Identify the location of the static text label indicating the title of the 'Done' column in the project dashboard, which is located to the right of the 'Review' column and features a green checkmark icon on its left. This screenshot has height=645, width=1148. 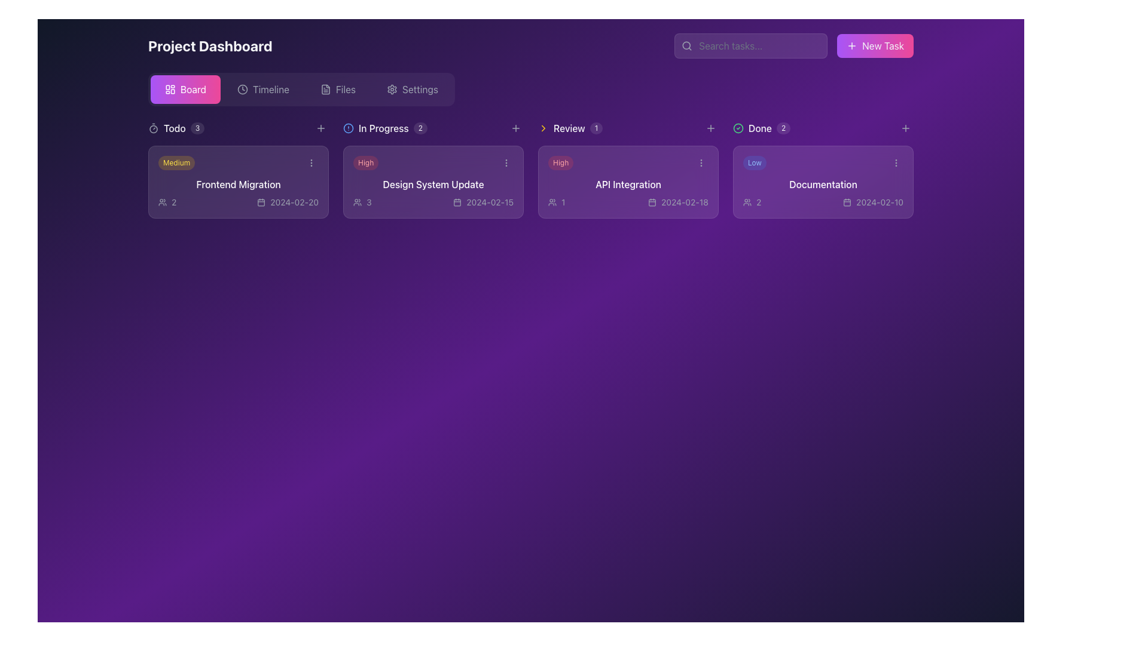
(759, 128).